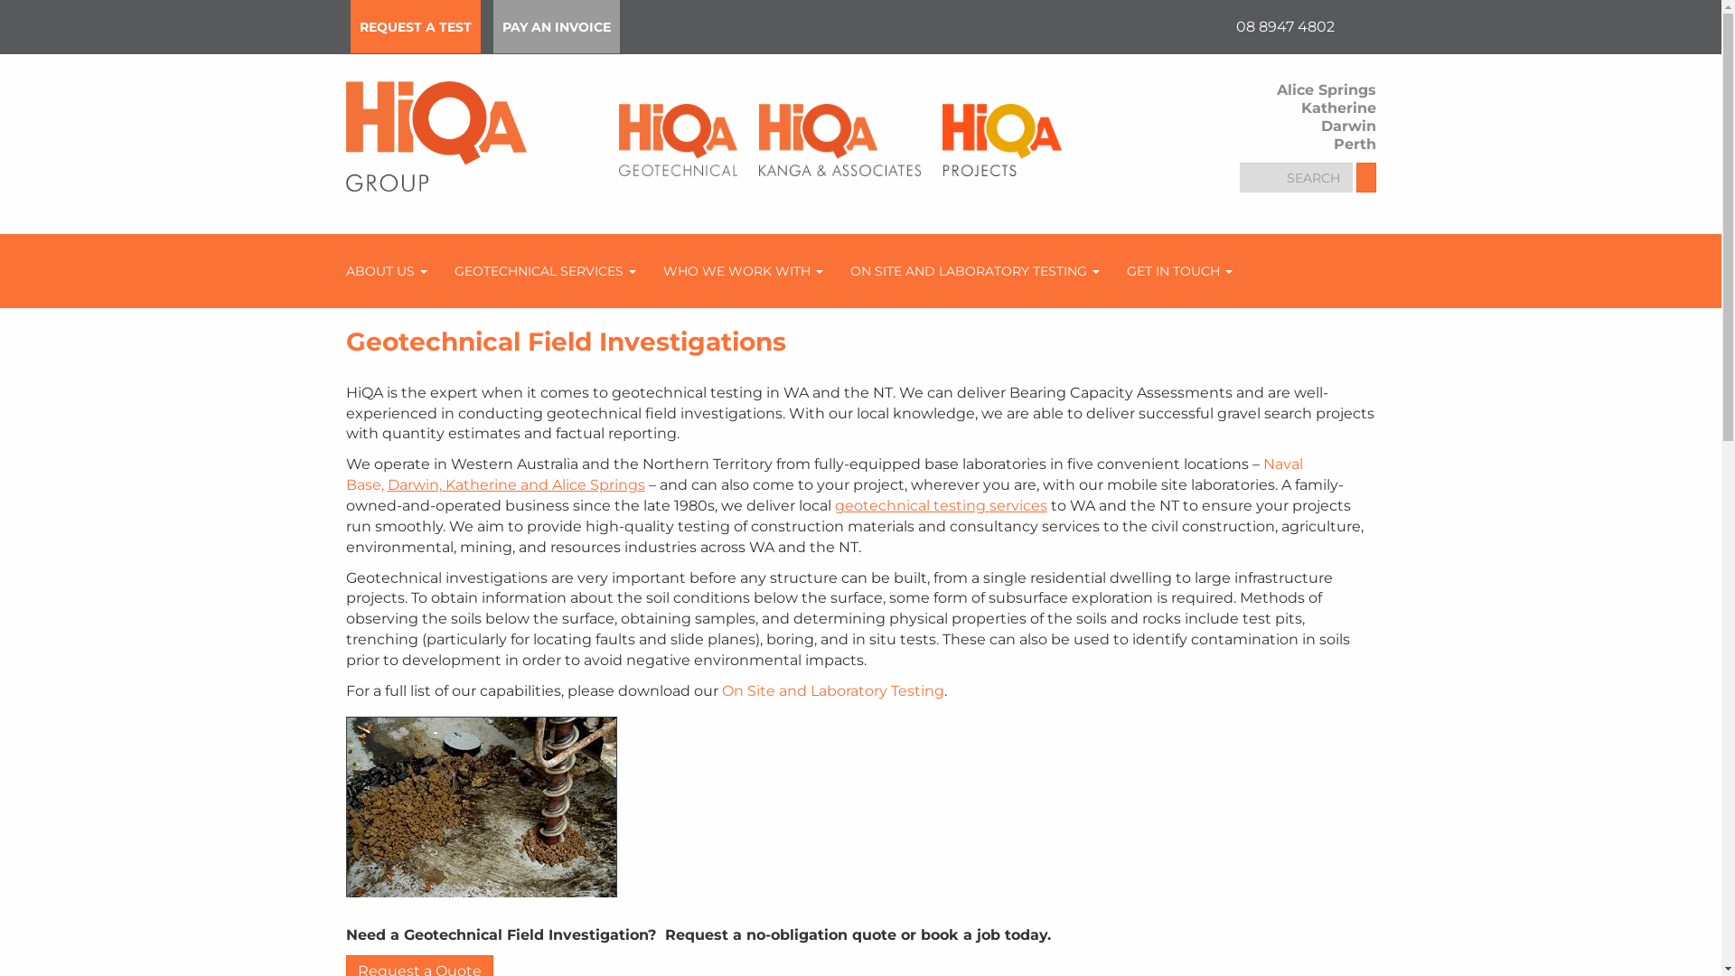  Describe the element at coordinates (514, 483) in the screenshot. I see `'Darwin, Katherine and Alice Springs'` at that location.